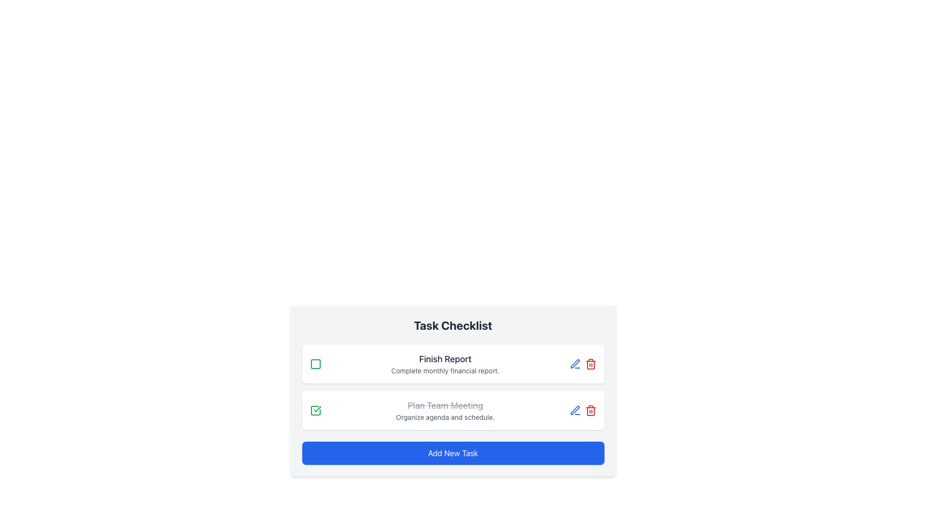  Describe the element at coordinates (445, 416) in the screenshot. I see `descriptive text element located below the strikethrough title 'Plan Team Meeting' in the second task of the checklist` at that location.